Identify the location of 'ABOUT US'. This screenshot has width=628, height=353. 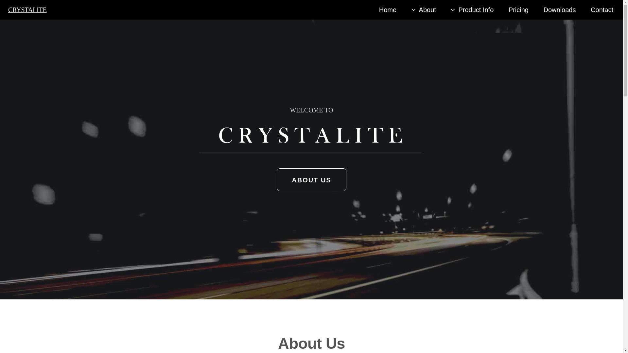
(311, 180).